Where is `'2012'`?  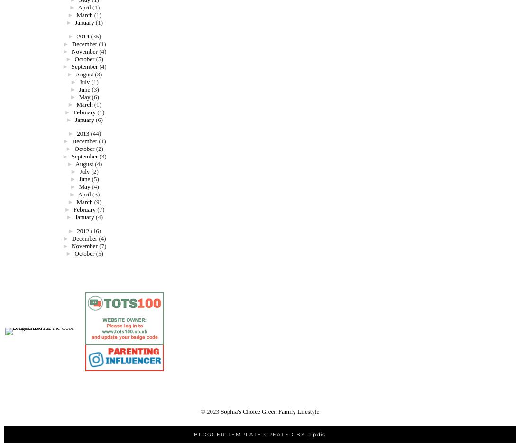
'2012' is located at coordinates (76, 230).